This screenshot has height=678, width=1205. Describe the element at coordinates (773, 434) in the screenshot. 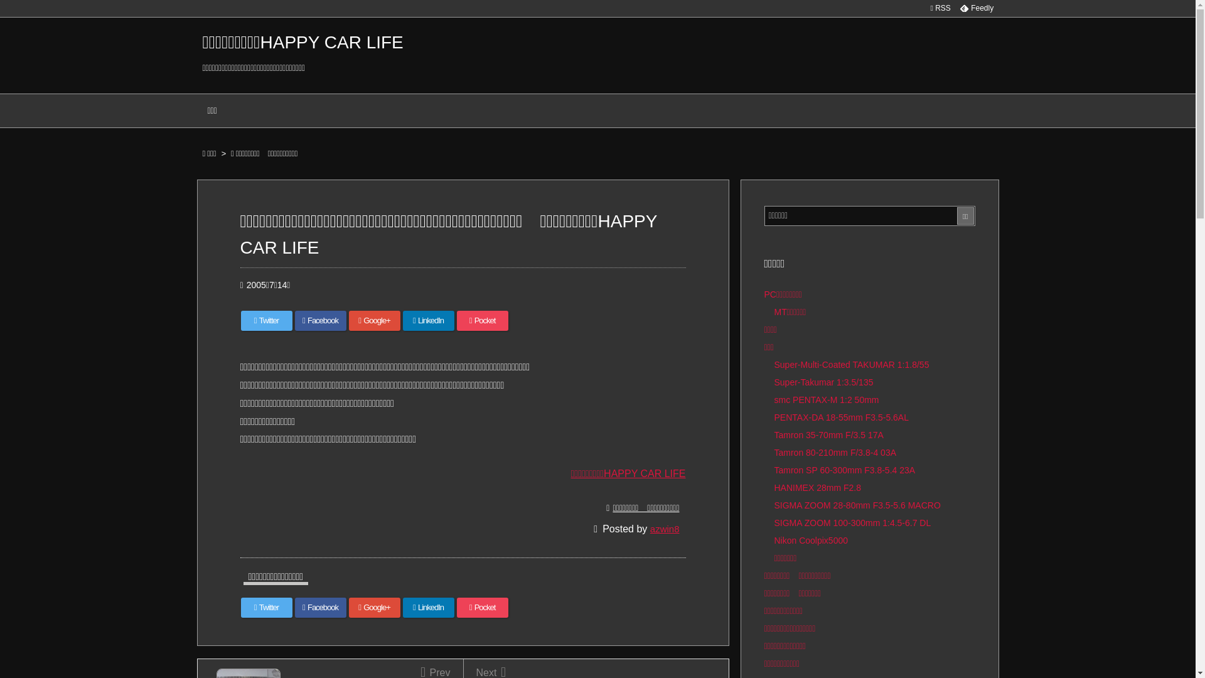

I see `'Tamron 35-70mm F/3.5 17A'` at that location.